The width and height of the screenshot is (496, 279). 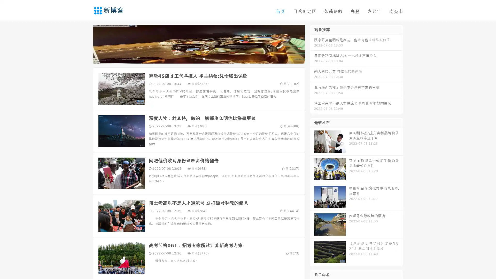 I want to click on Go to slide 2, so click(x=198, y=58).